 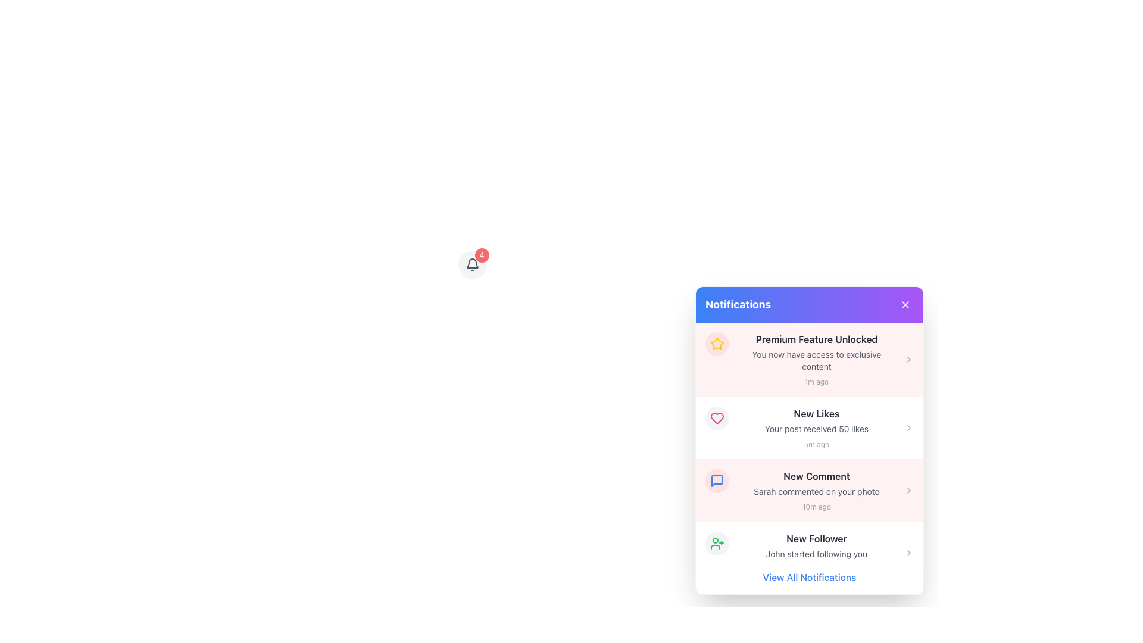 I want to click on the text label that indicates the time elapsed since the activity, positioned at the bottom of the 'New Comment' notification, so click(x=816, y=507).